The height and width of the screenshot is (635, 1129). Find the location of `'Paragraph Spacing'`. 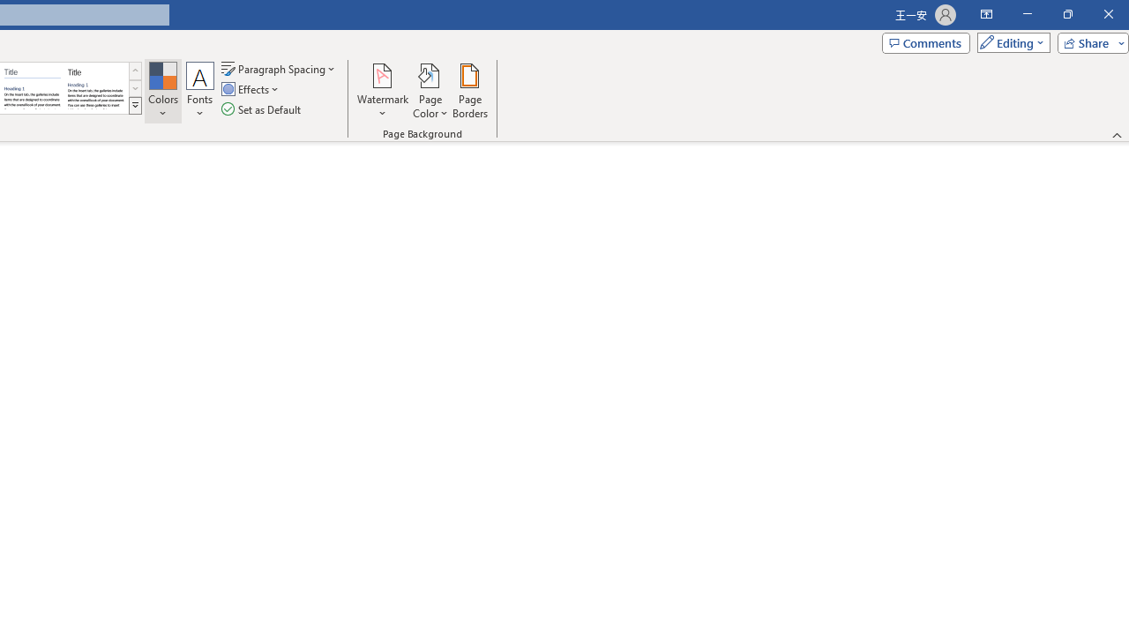

'Paragraph Spacing' is located at coordinates (279, 68).